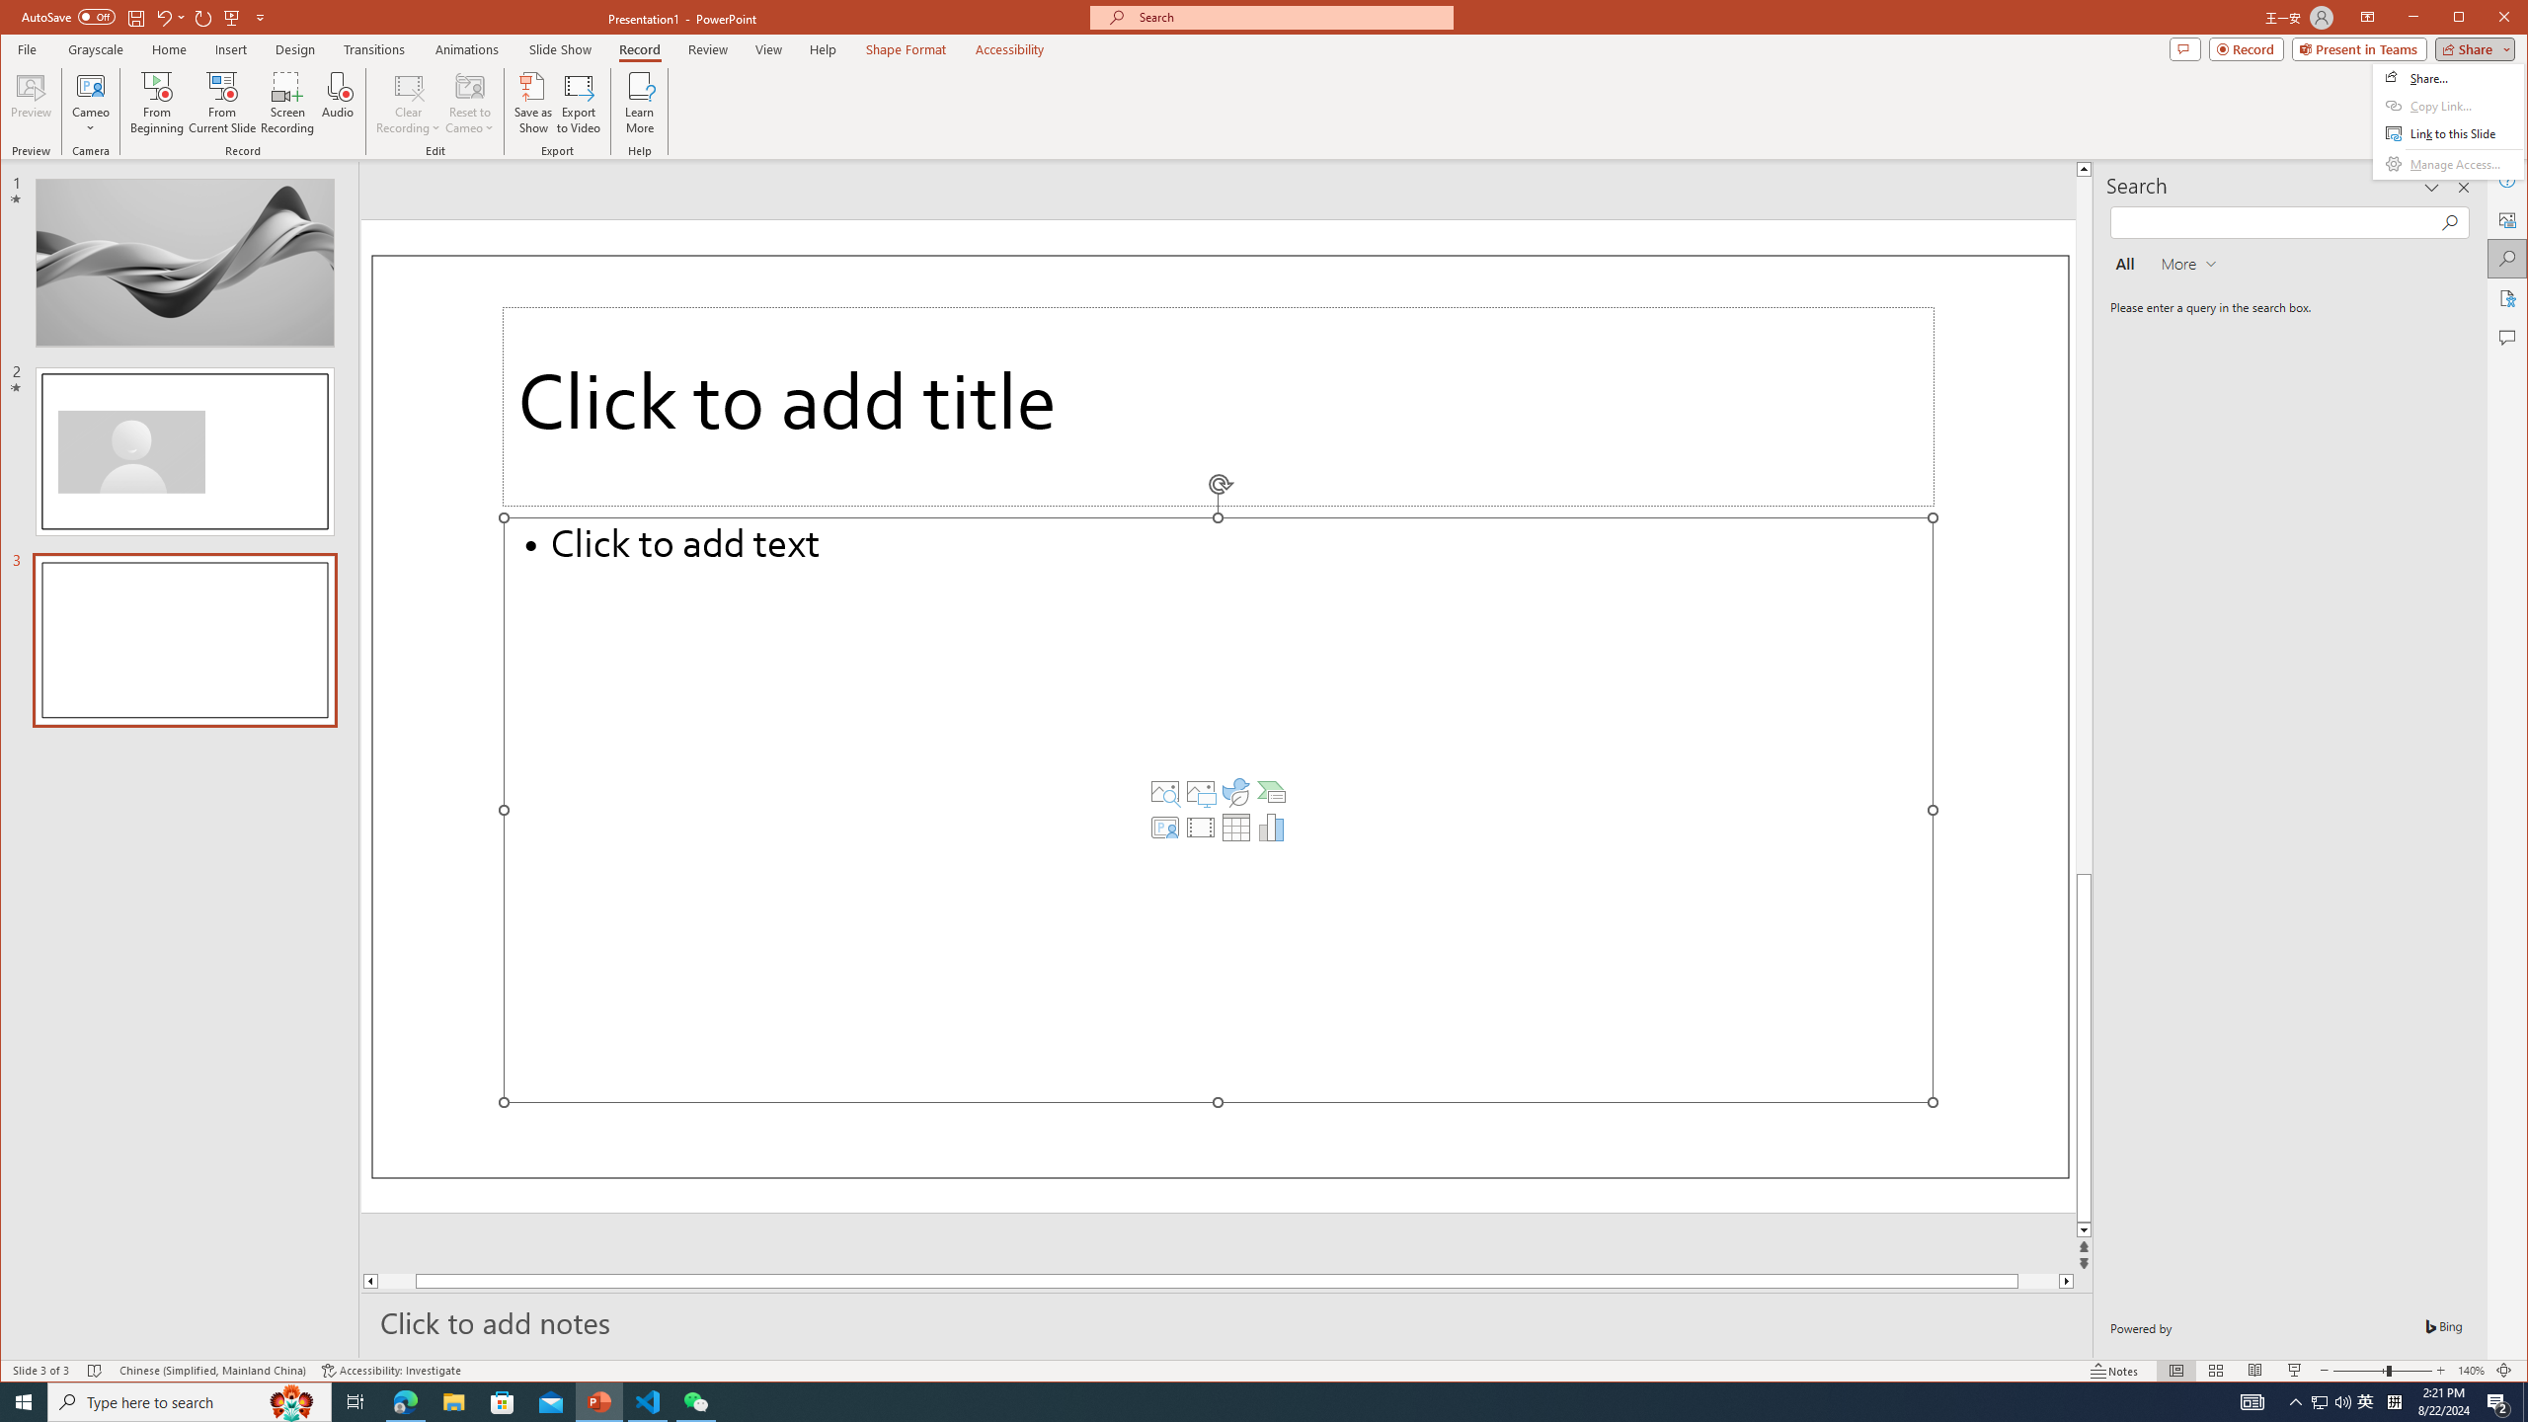 This screenshot has width=2528, height=1422. What do you see at coordinates (1235, 791) in the screenshot?
I see `'Insert an Icon'` at bounding box center [1235, 791].